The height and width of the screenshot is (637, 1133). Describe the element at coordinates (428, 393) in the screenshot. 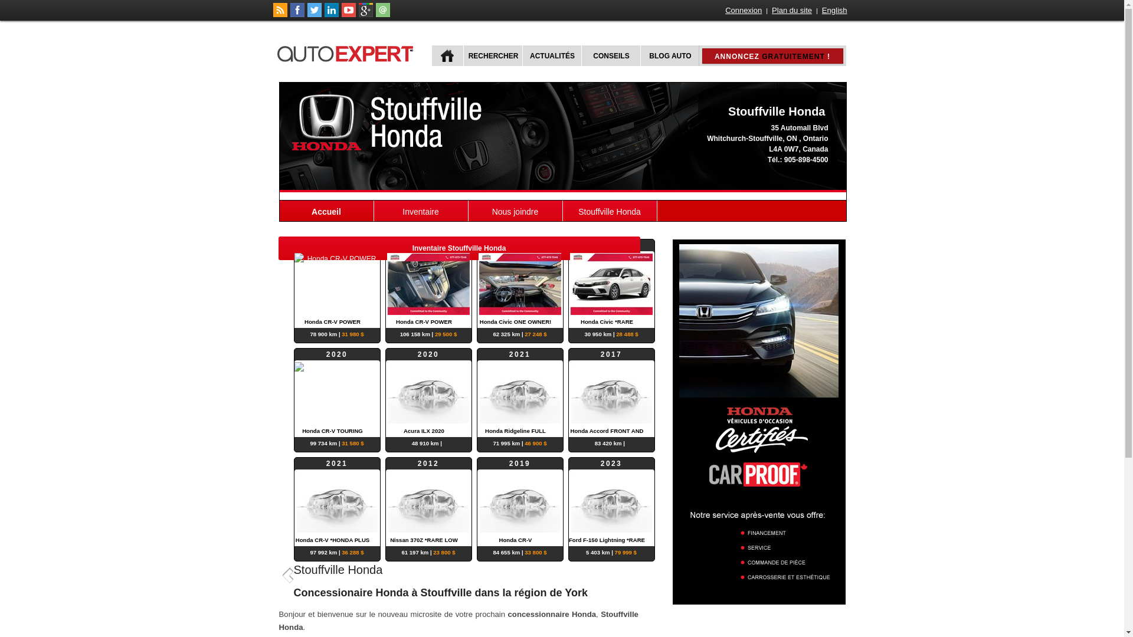

I see `'2020` at that location.